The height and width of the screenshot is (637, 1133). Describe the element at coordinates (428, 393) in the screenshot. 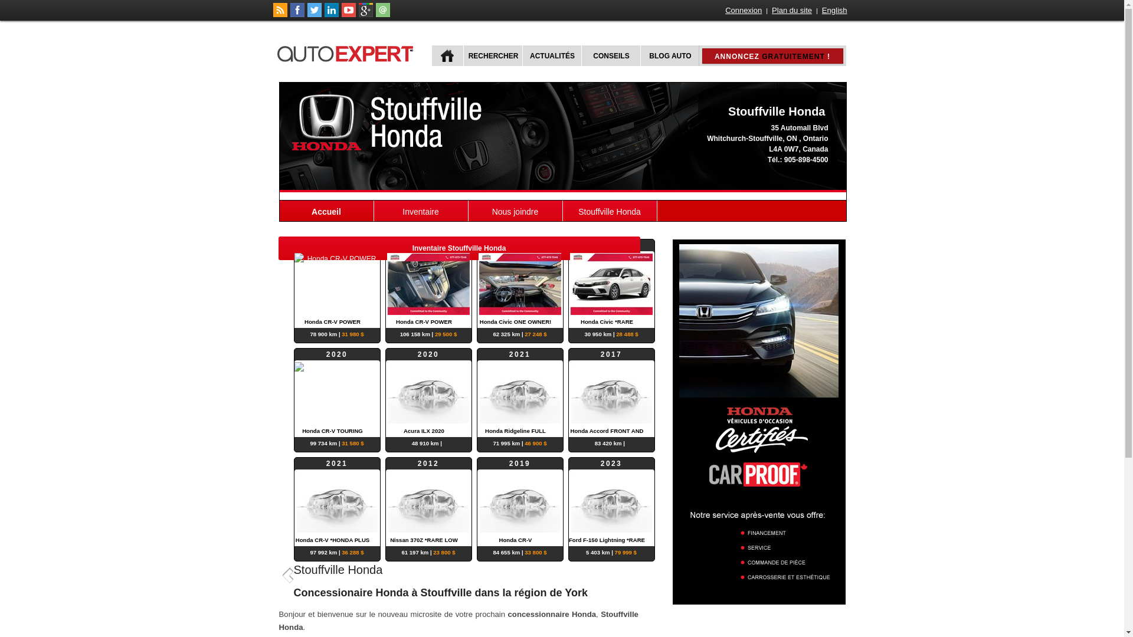

I see `'2020` at that location.